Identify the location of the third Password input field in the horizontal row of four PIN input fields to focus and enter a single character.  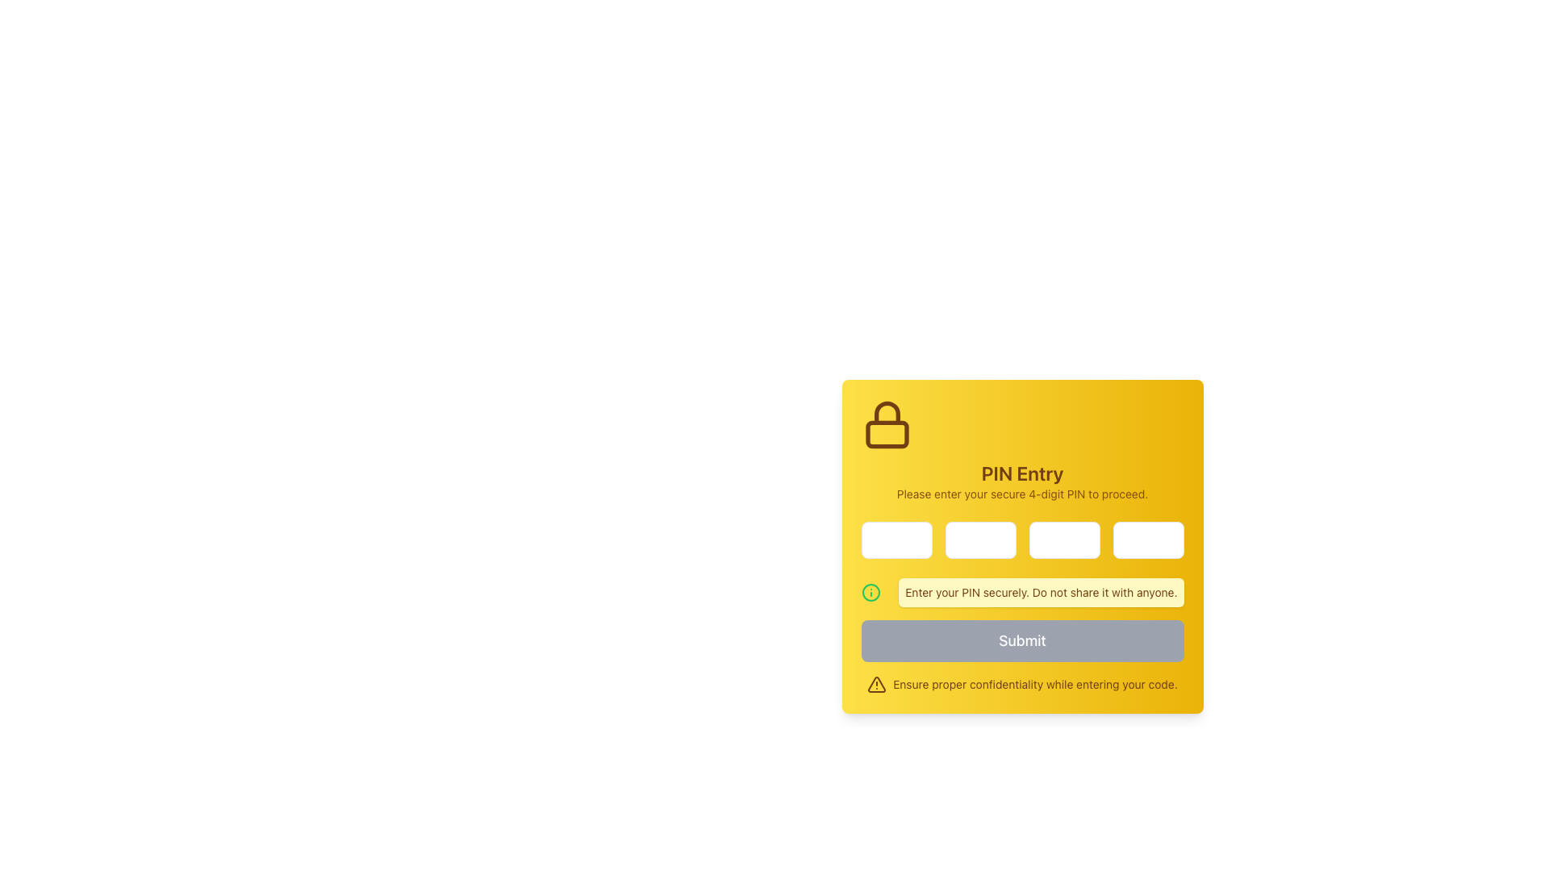
(1064, 540).